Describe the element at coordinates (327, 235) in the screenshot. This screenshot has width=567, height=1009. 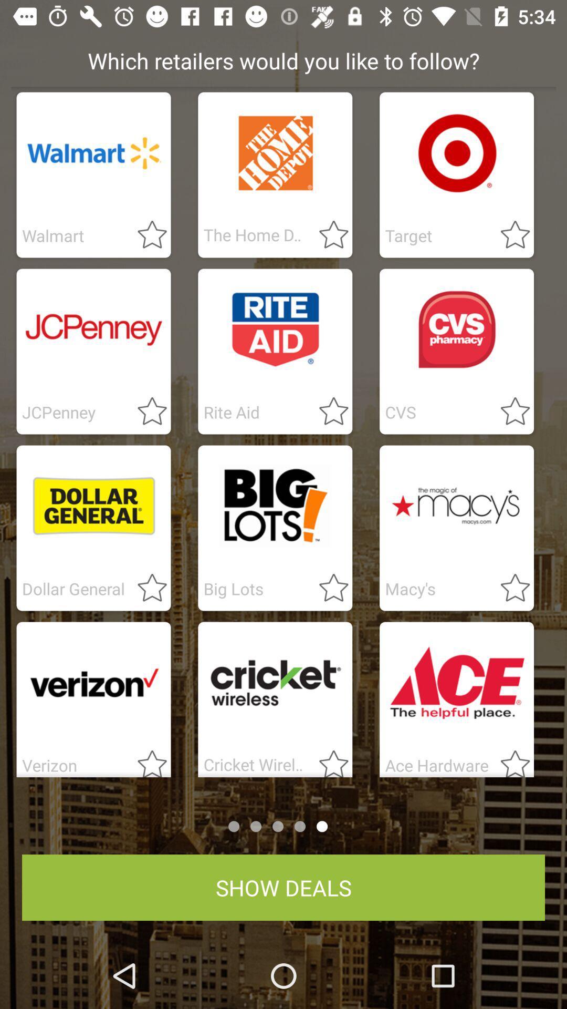
I see `like visual` at that location.